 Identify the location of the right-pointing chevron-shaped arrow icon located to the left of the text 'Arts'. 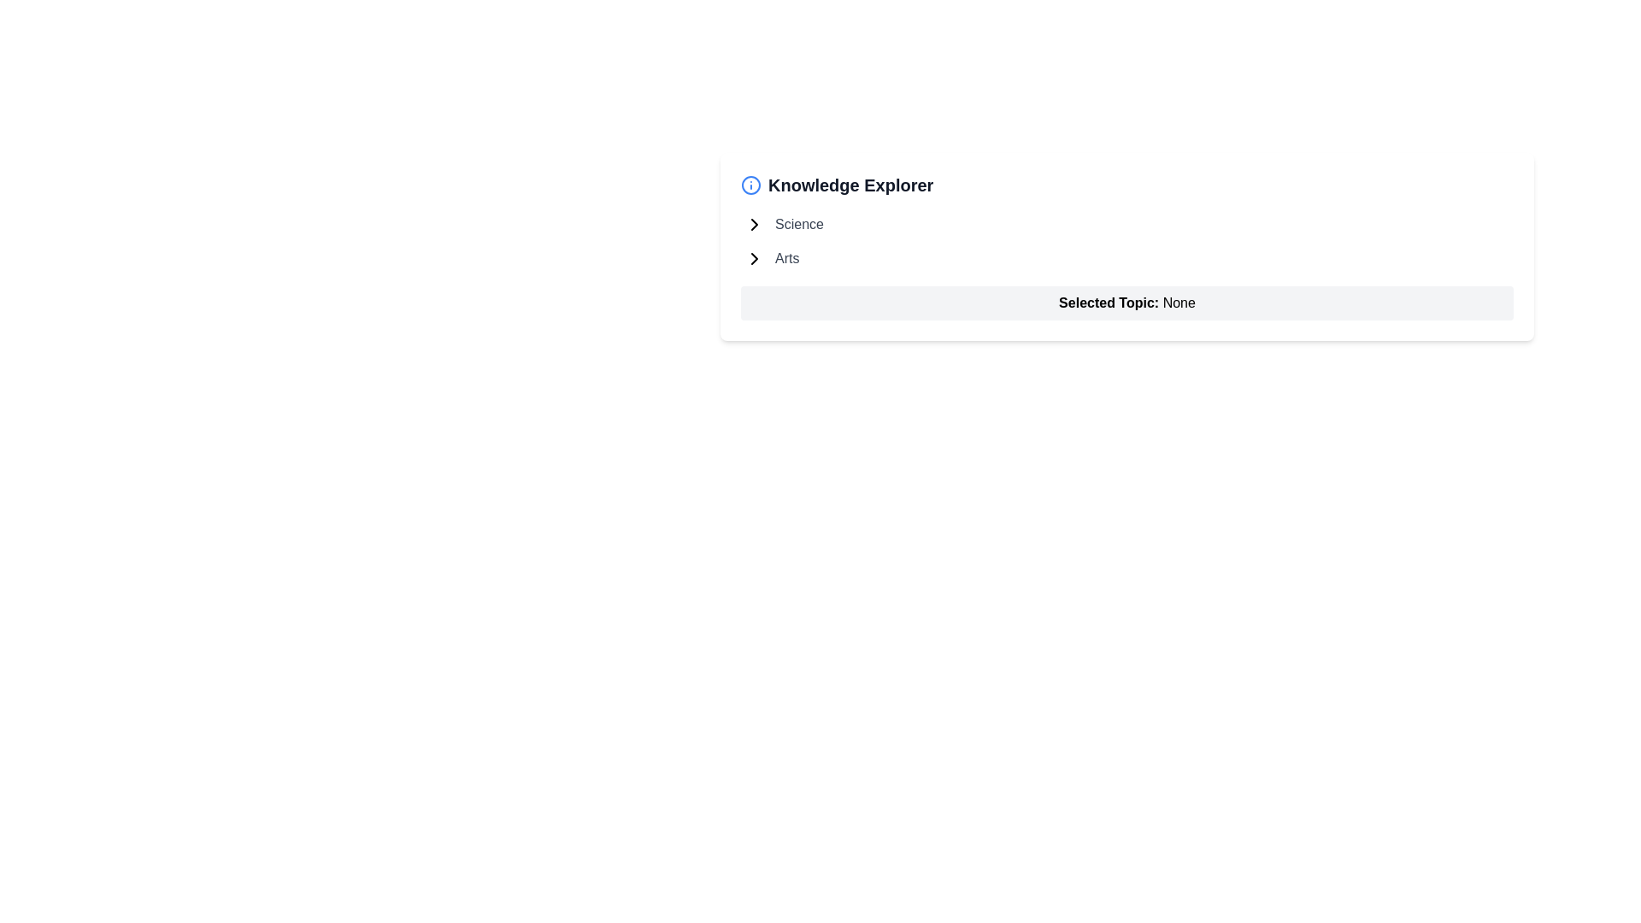
(754, 259).